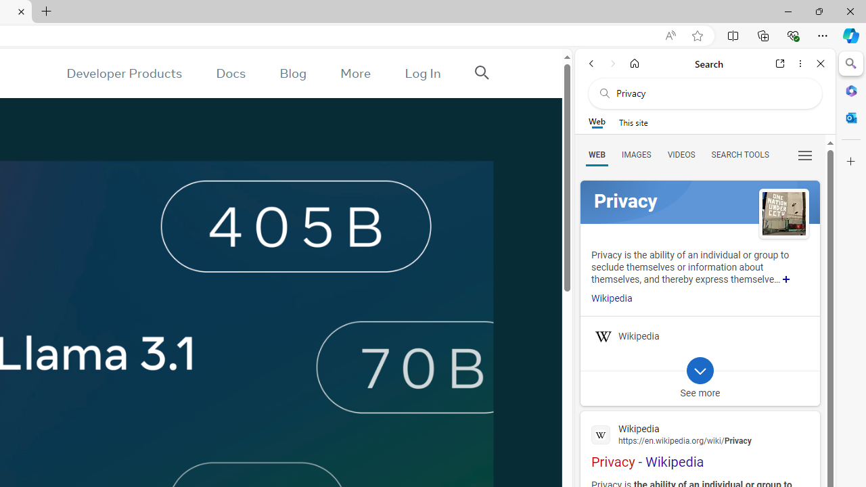 The image size is (866, 487). What do you see at coordinates (681, 154) in the screenshot?
I see `'Search Filter, VIDEOS'` at bounding box center [681, 154].